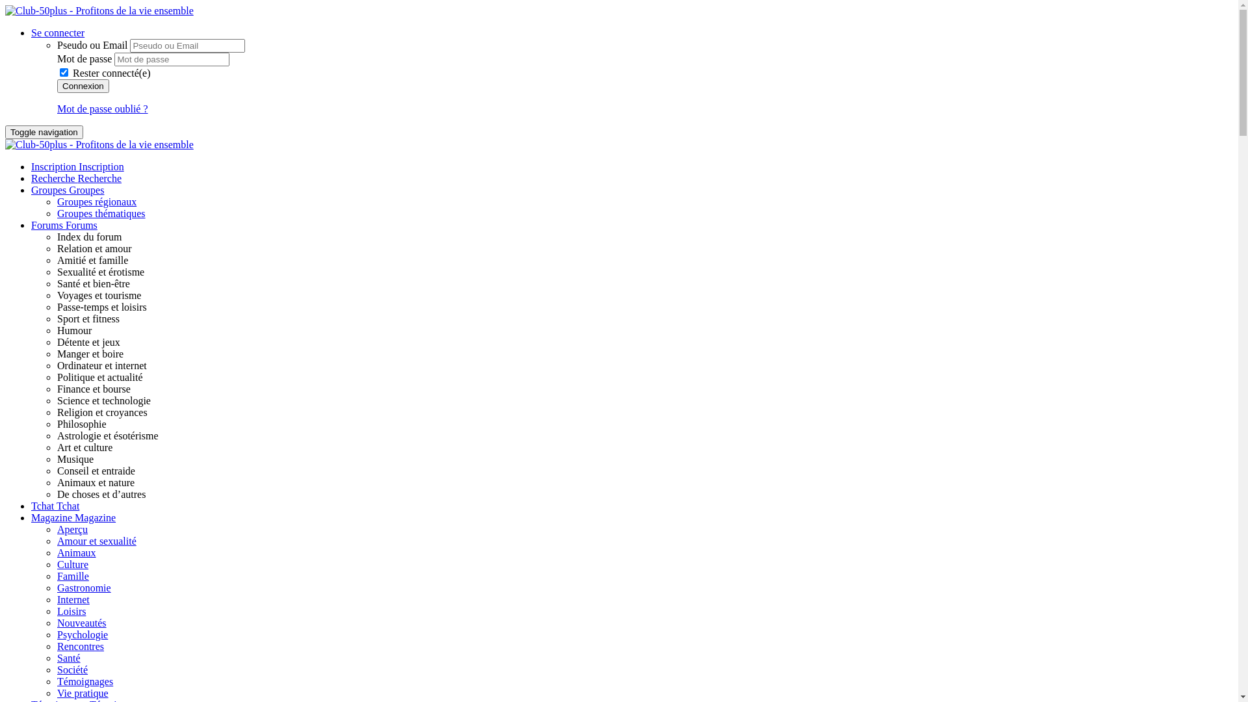  Describe the element at coordinates (52, 517) in the screenshot. I see `'Magazine'` at that location.